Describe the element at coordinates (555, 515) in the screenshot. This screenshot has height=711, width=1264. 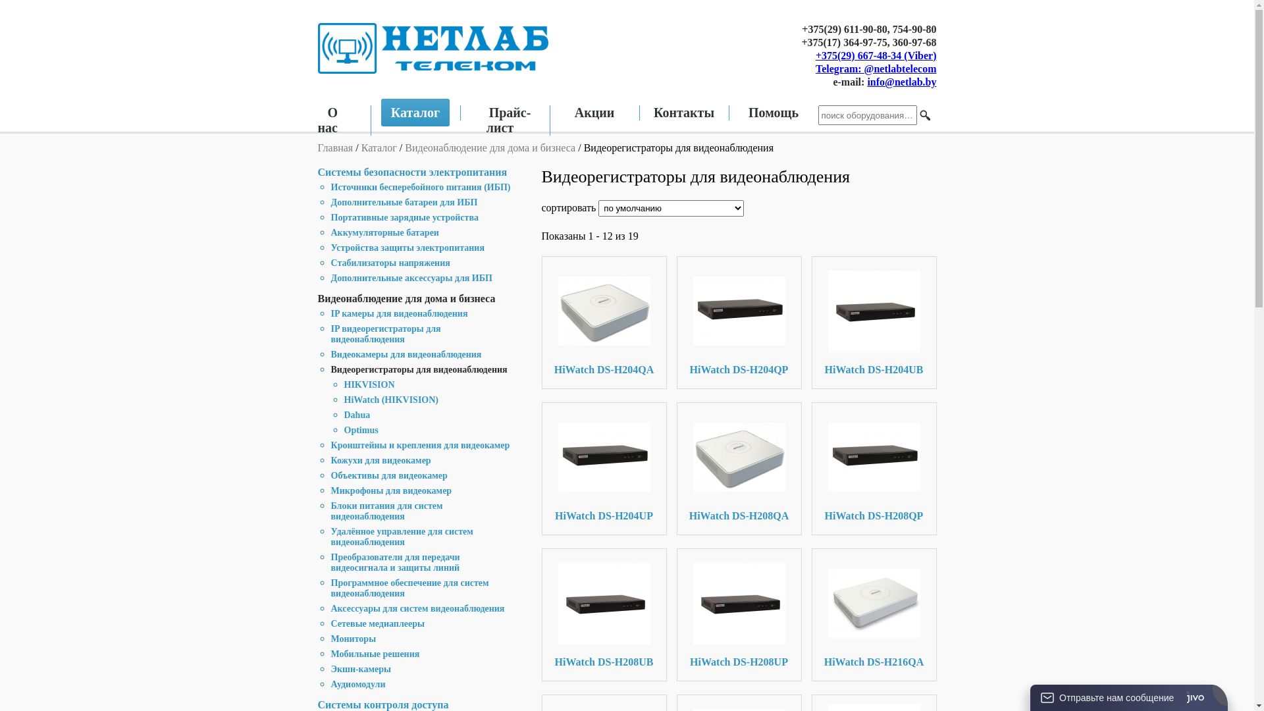
I see `'HiWatch DS-H204UP'` at that location.